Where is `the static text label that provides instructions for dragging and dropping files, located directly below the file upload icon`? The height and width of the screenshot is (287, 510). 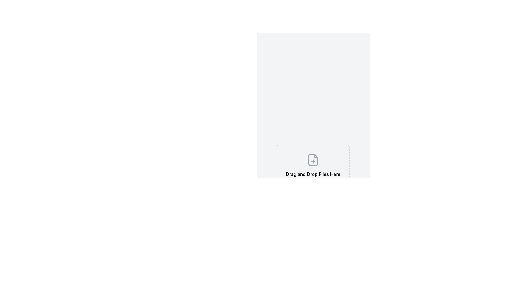 the static text label that provides instructions for dragging and dropping files, located directly below the file upload icon is located at coordinates (313, 174).